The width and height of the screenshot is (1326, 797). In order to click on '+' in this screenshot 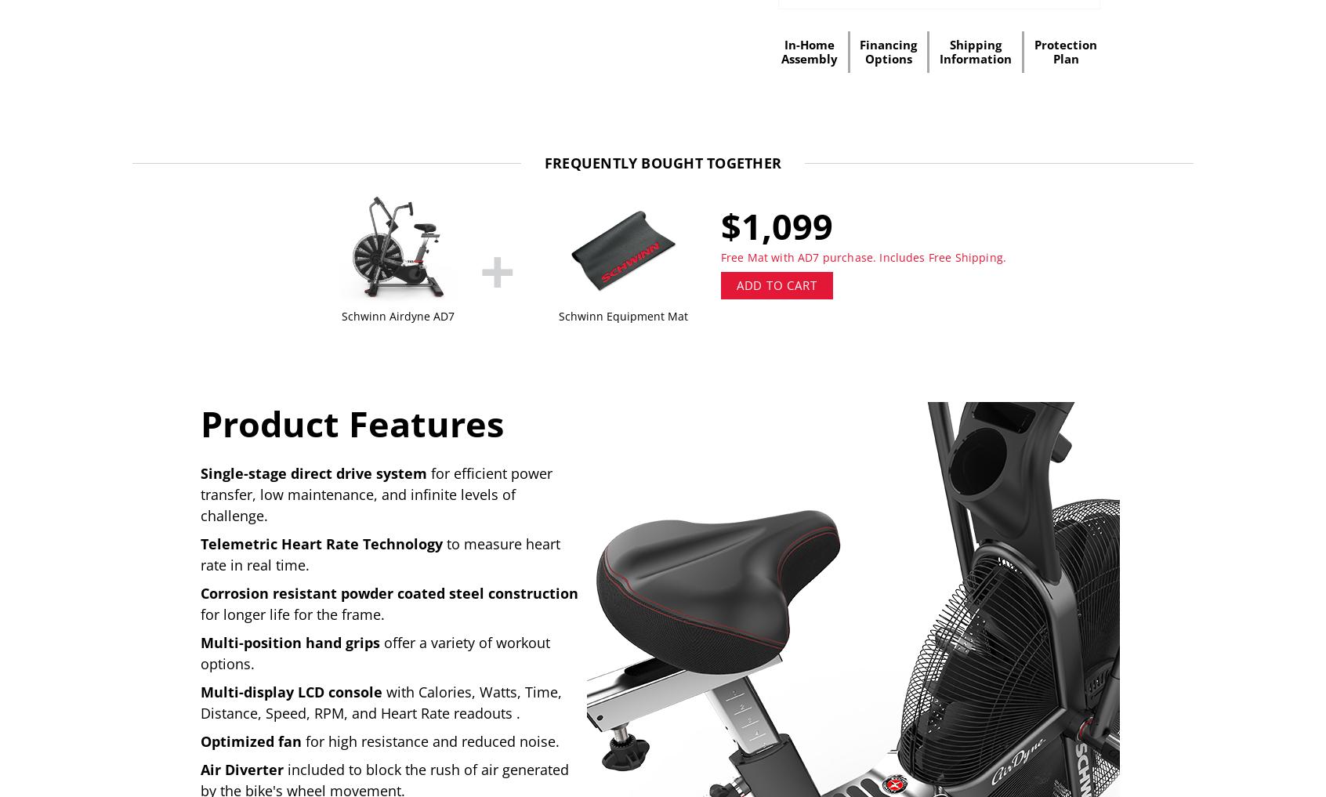, I will do `click(495, 268)`.